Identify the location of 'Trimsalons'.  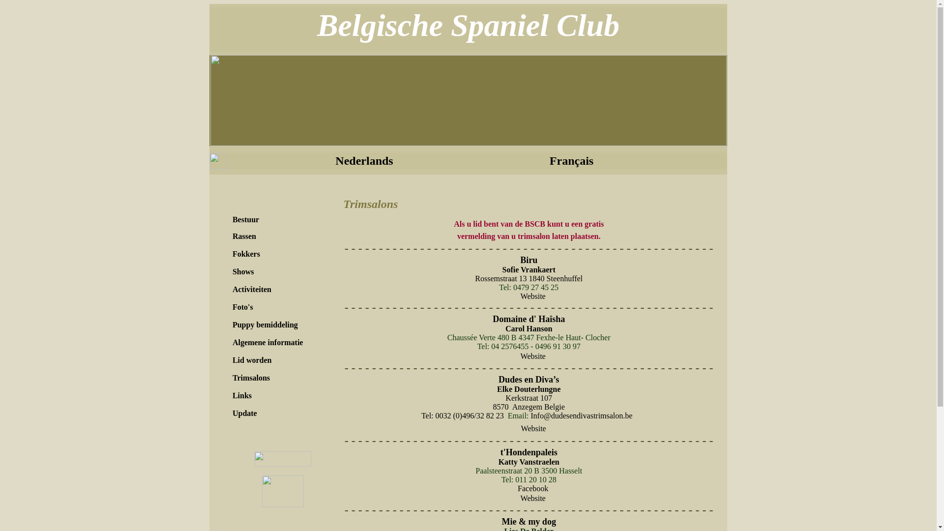
(251, 377).